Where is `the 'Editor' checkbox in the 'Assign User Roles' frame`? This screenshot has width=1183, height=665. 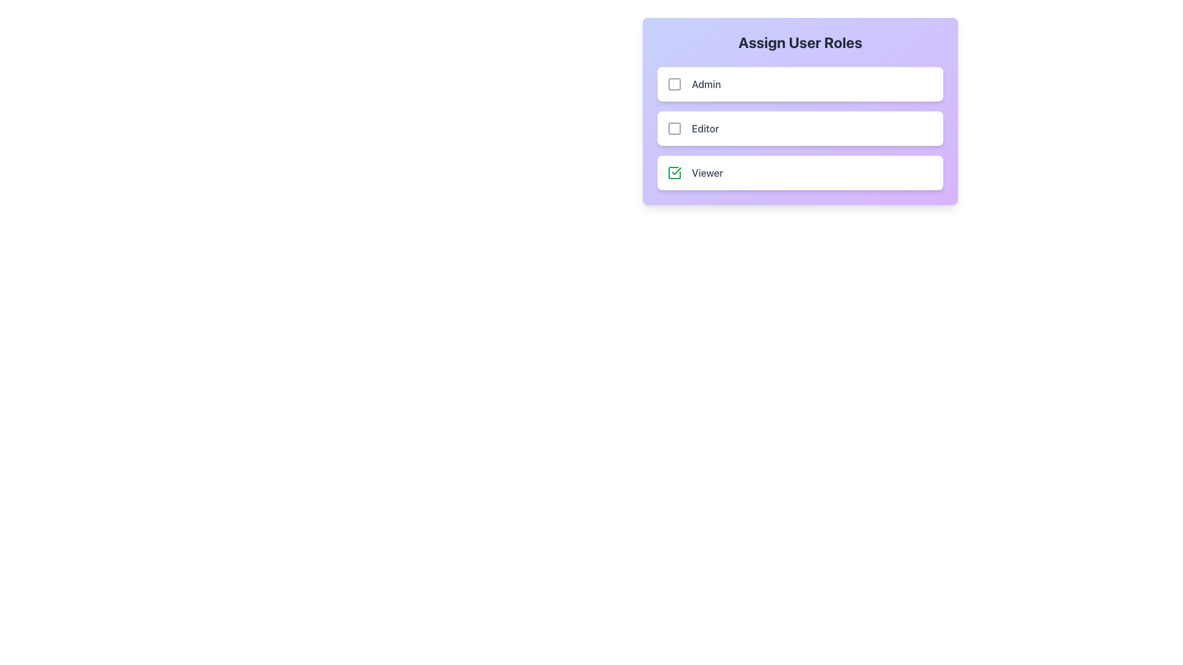
the 'Editor' checkbox in the 'Assign User Roles' frame is located at coordinates (673, 128).